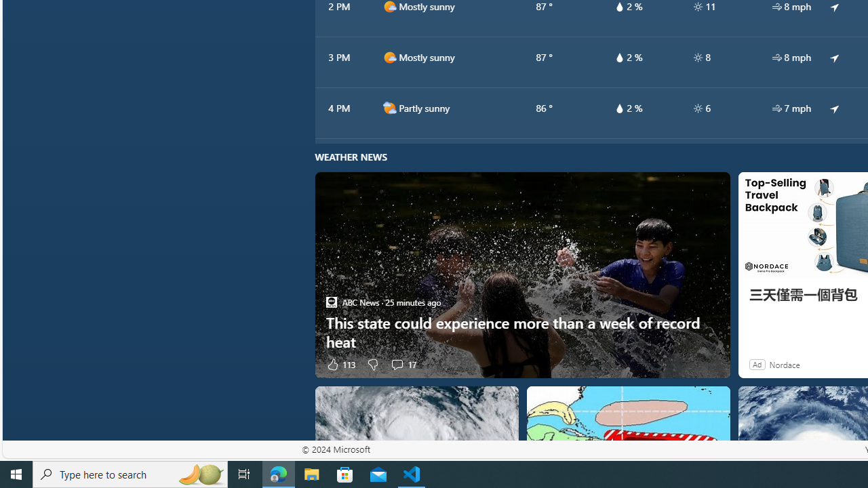 This screenshot has width=868, height=488. Describe the element at coordinates (340, 363) in the screenshot. I see `'113 Like'` at that location.